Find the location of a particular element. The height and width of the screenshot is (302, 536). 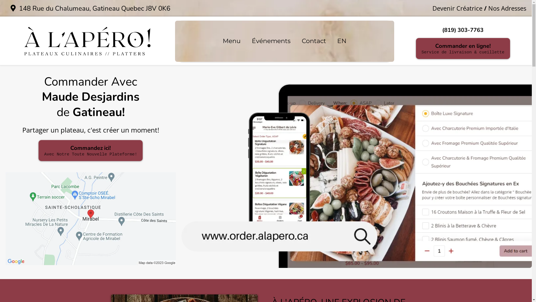

'Contact' is located at coordinates (314, 41).